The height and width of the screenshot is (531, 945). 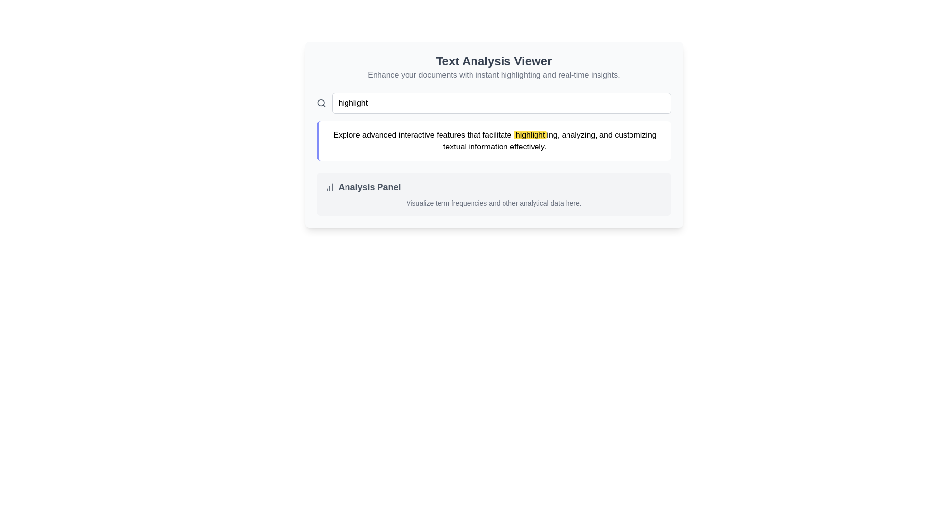 What do you see at coordinates (530, 135) in the screenshot?
I see `the Text Highlight element that emphasizes the word 'highlight' within the paragraph by moving the mouse cursor to its center point` at bounding box center [530, 135].